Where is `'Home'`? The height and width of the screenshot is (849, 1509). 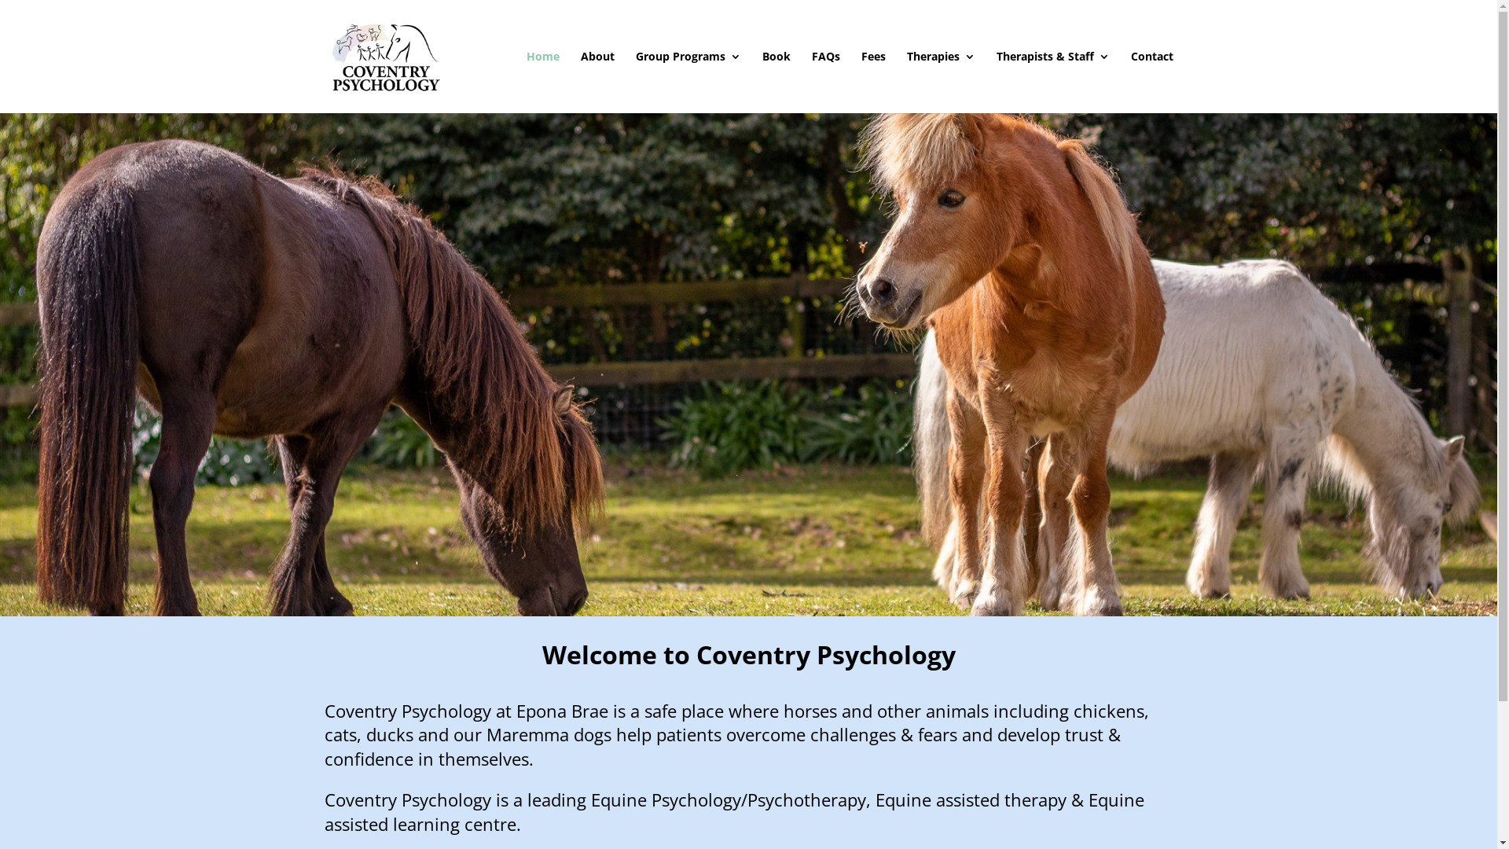
'Home' is located at coordinates (543, 82).